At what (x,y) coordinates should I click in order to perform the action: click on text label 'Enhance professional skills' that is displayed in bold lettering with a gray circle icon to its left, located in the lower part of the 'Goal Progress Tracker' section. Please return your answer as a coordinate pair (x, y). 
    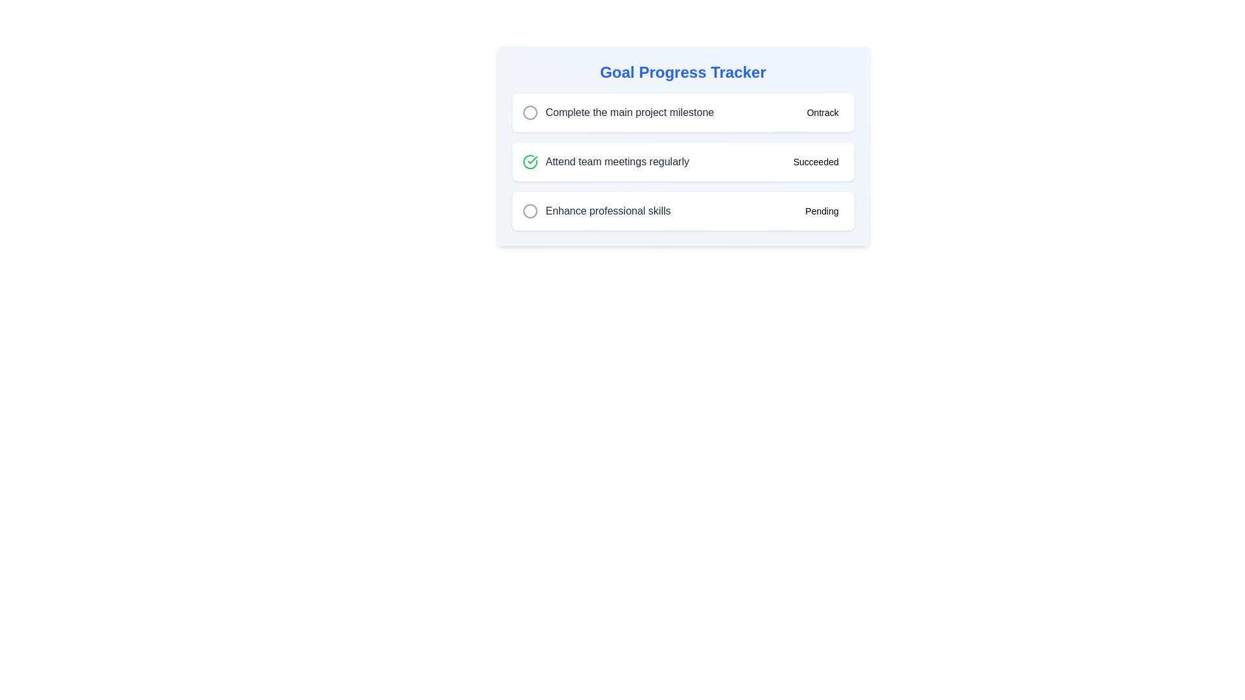
    Looking at the image, I should click on (596, 211).